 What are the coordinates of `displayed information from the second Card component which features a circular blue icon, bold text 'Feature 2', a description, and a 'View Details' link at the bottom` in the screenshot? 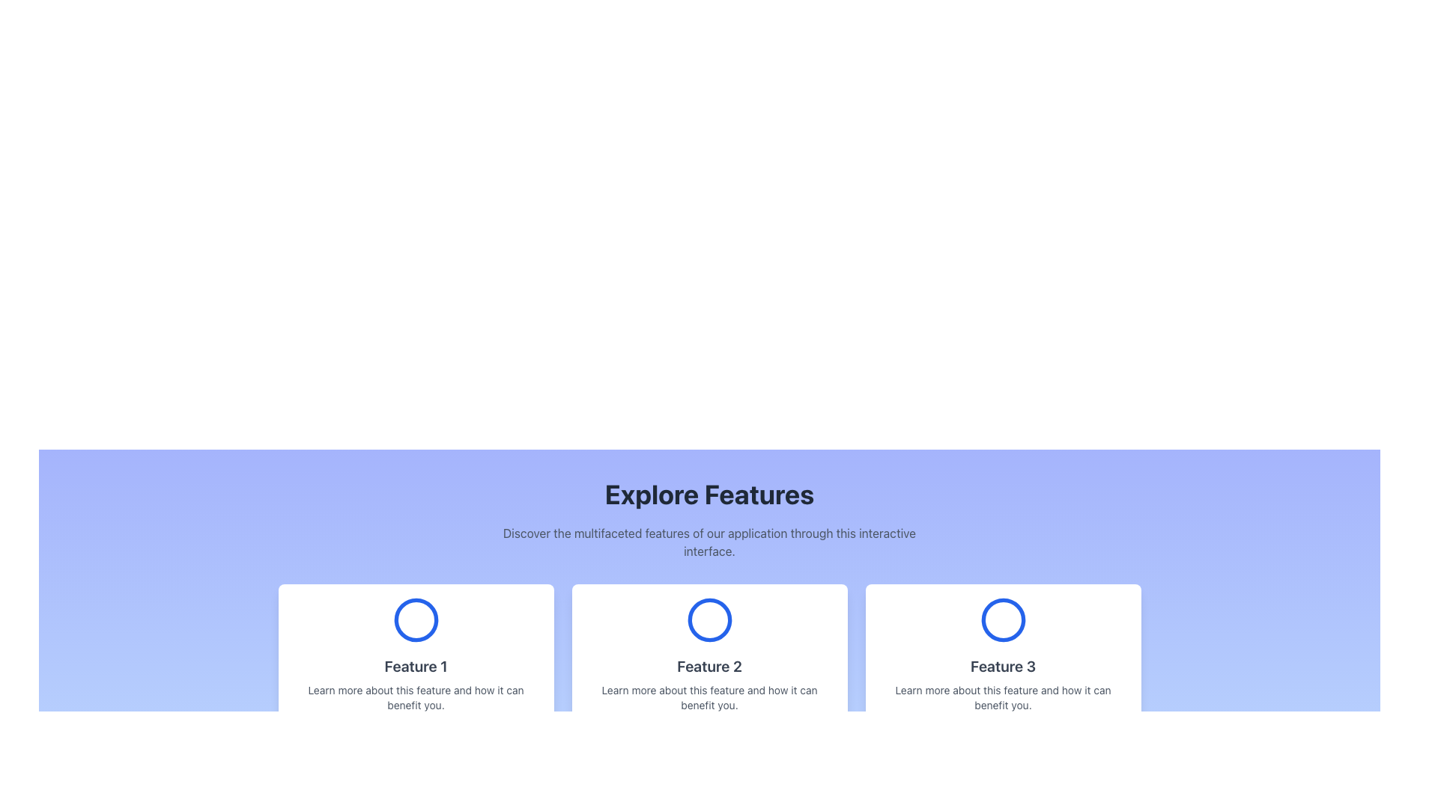 It's located at (709, 668).